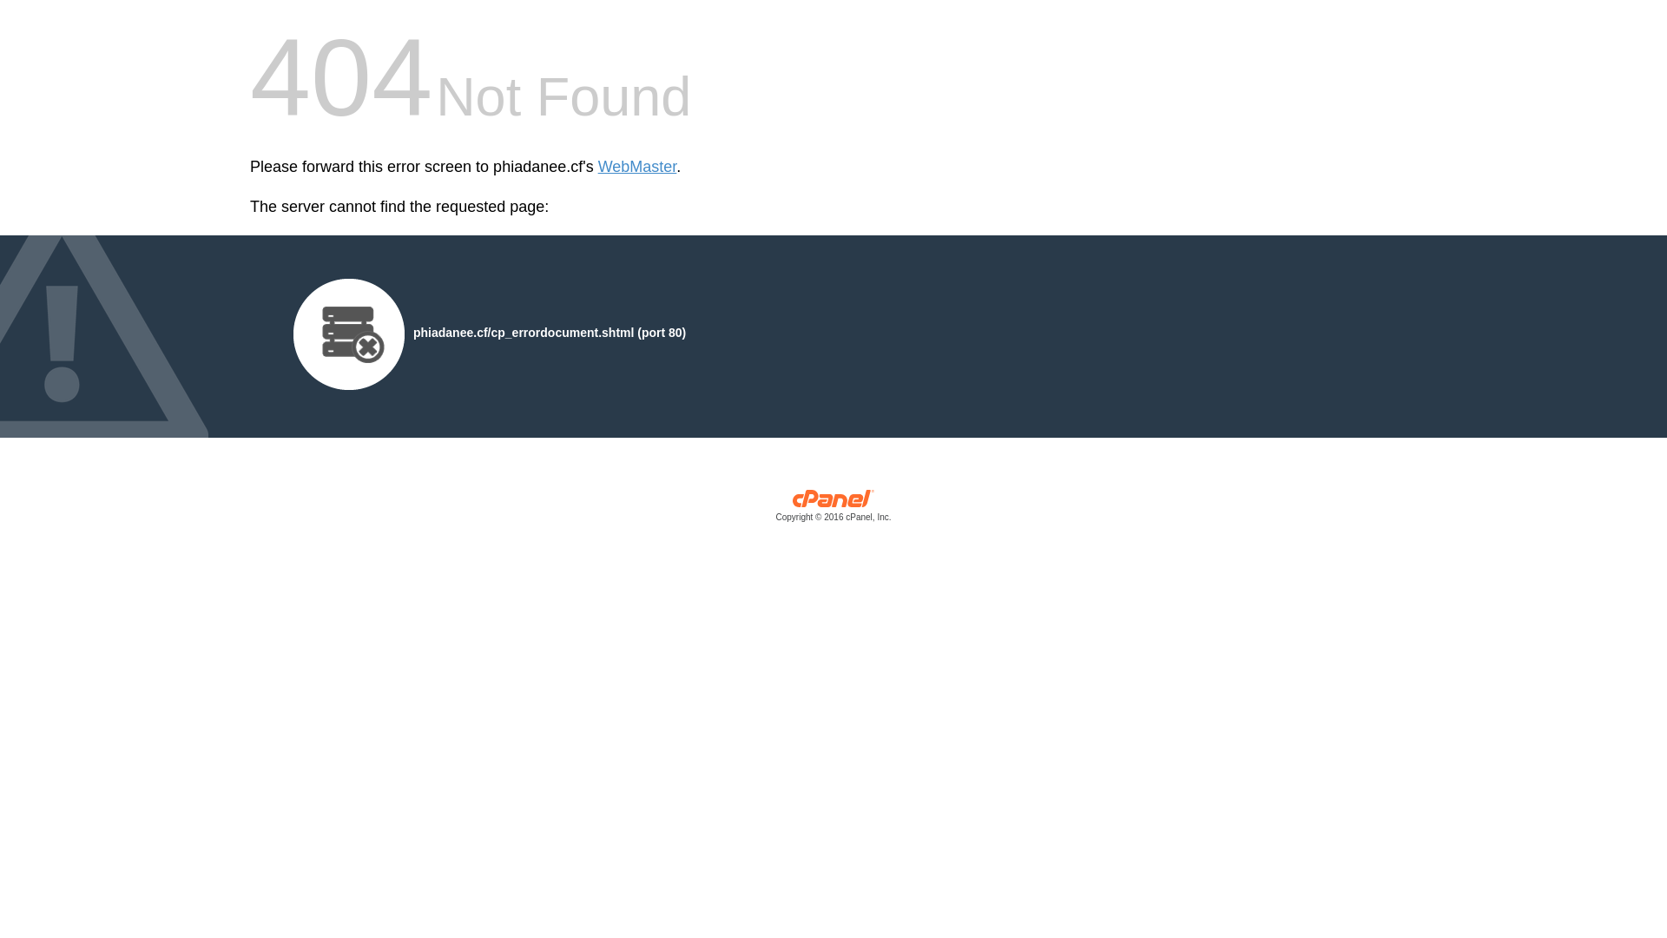 Image resolution: width=1667 pixels, height=938 pixels. What do you see at coordinates (636, 167) in the screenshot?
I see `'WebMaster'` at bounding box center [636, 167].